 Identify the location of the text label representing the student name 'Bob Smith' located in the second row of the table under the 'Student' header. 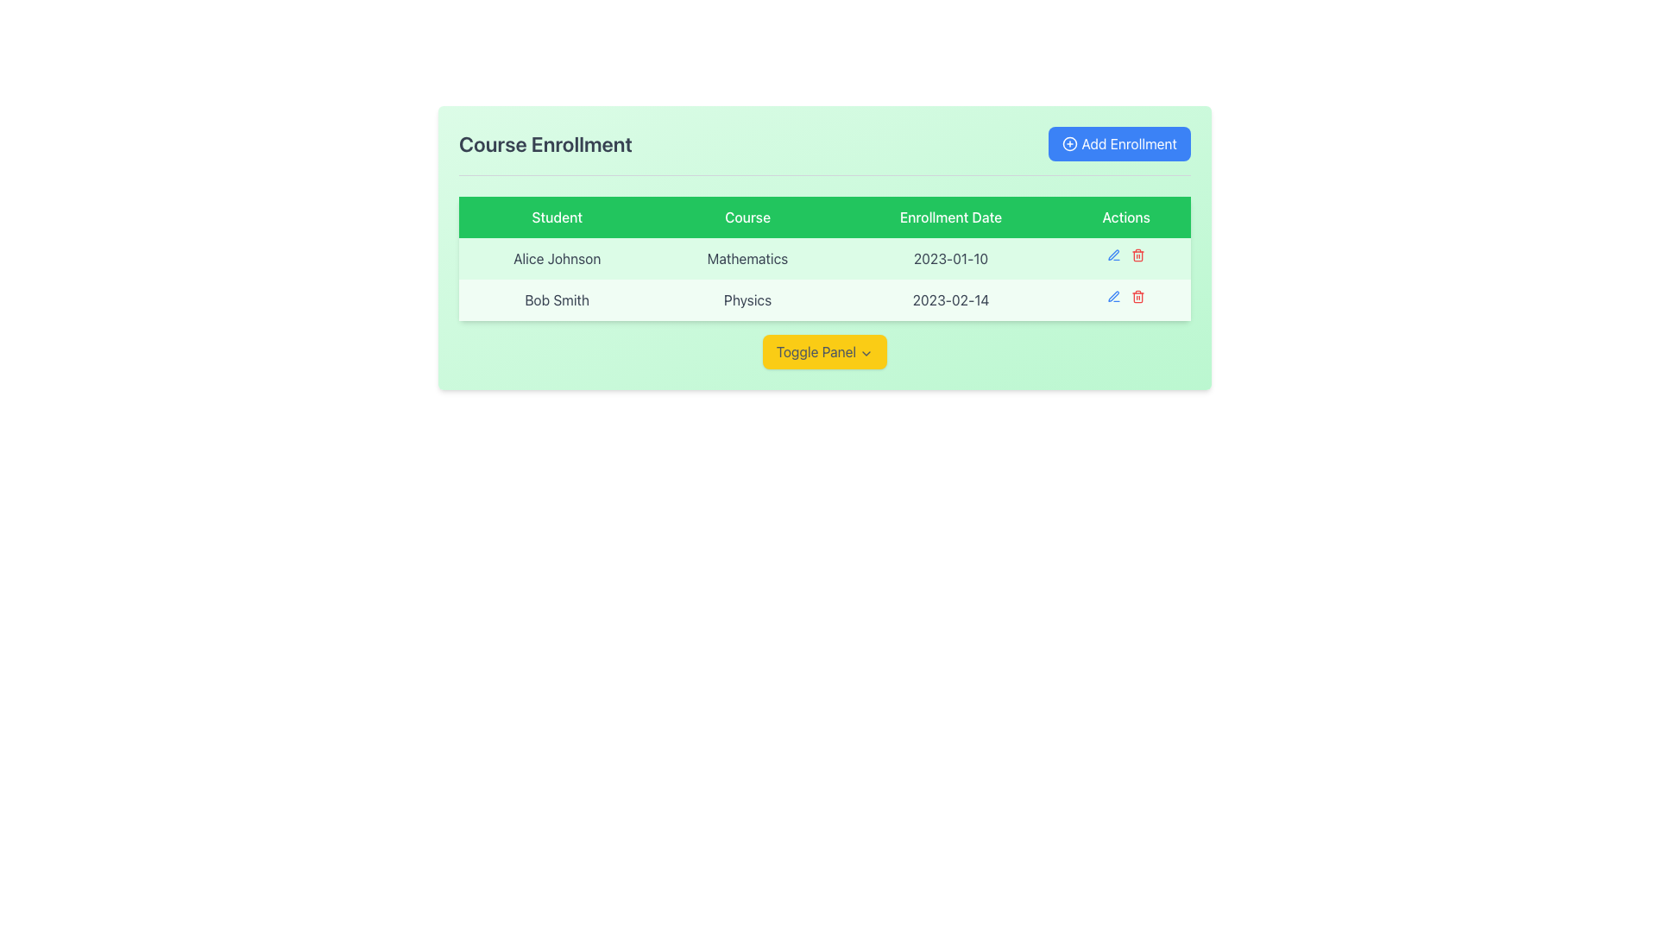
(557, 299).